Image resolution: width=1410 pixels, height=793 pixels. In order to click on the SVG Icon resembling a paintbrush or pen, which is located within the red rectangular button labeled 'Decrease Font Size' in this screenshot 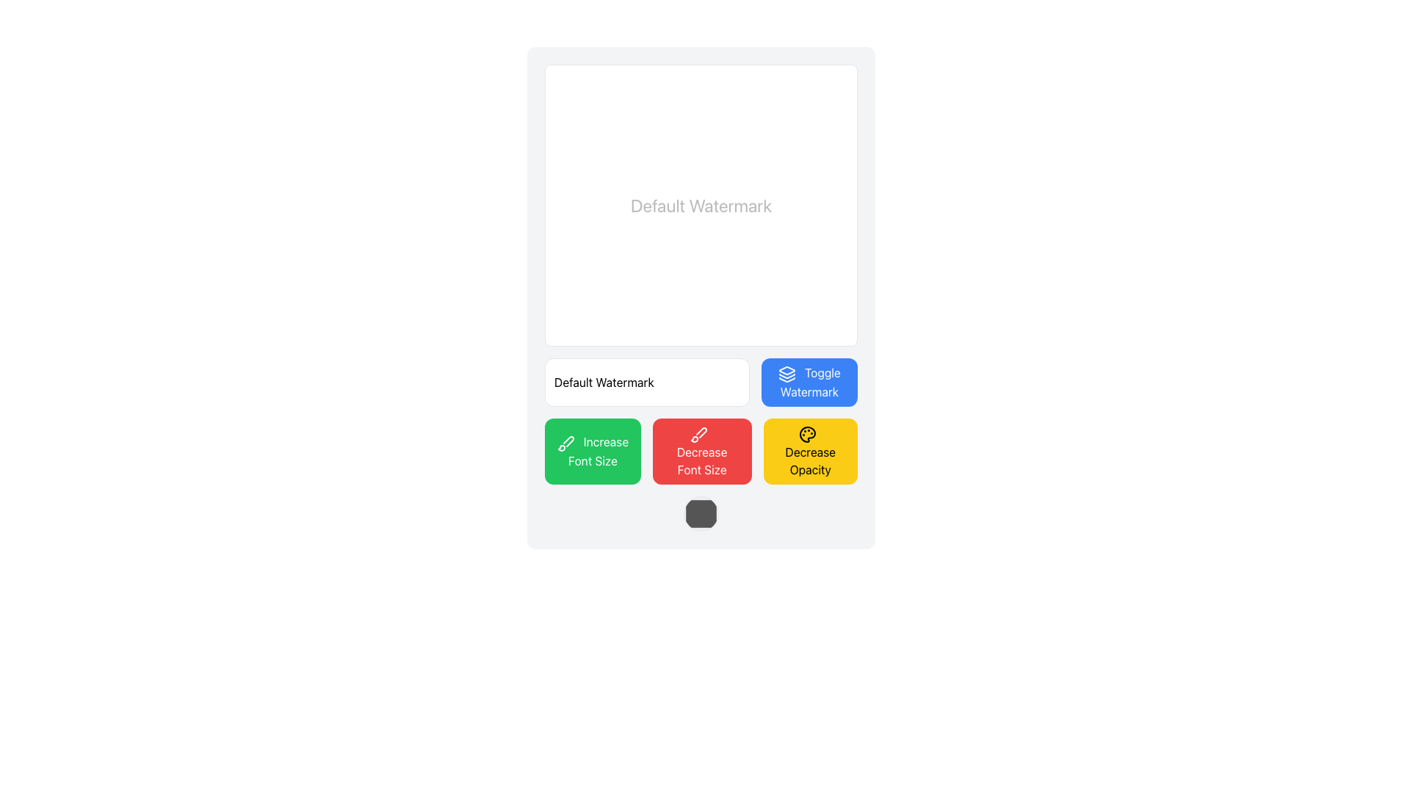, I will do `click(698, 433)`.